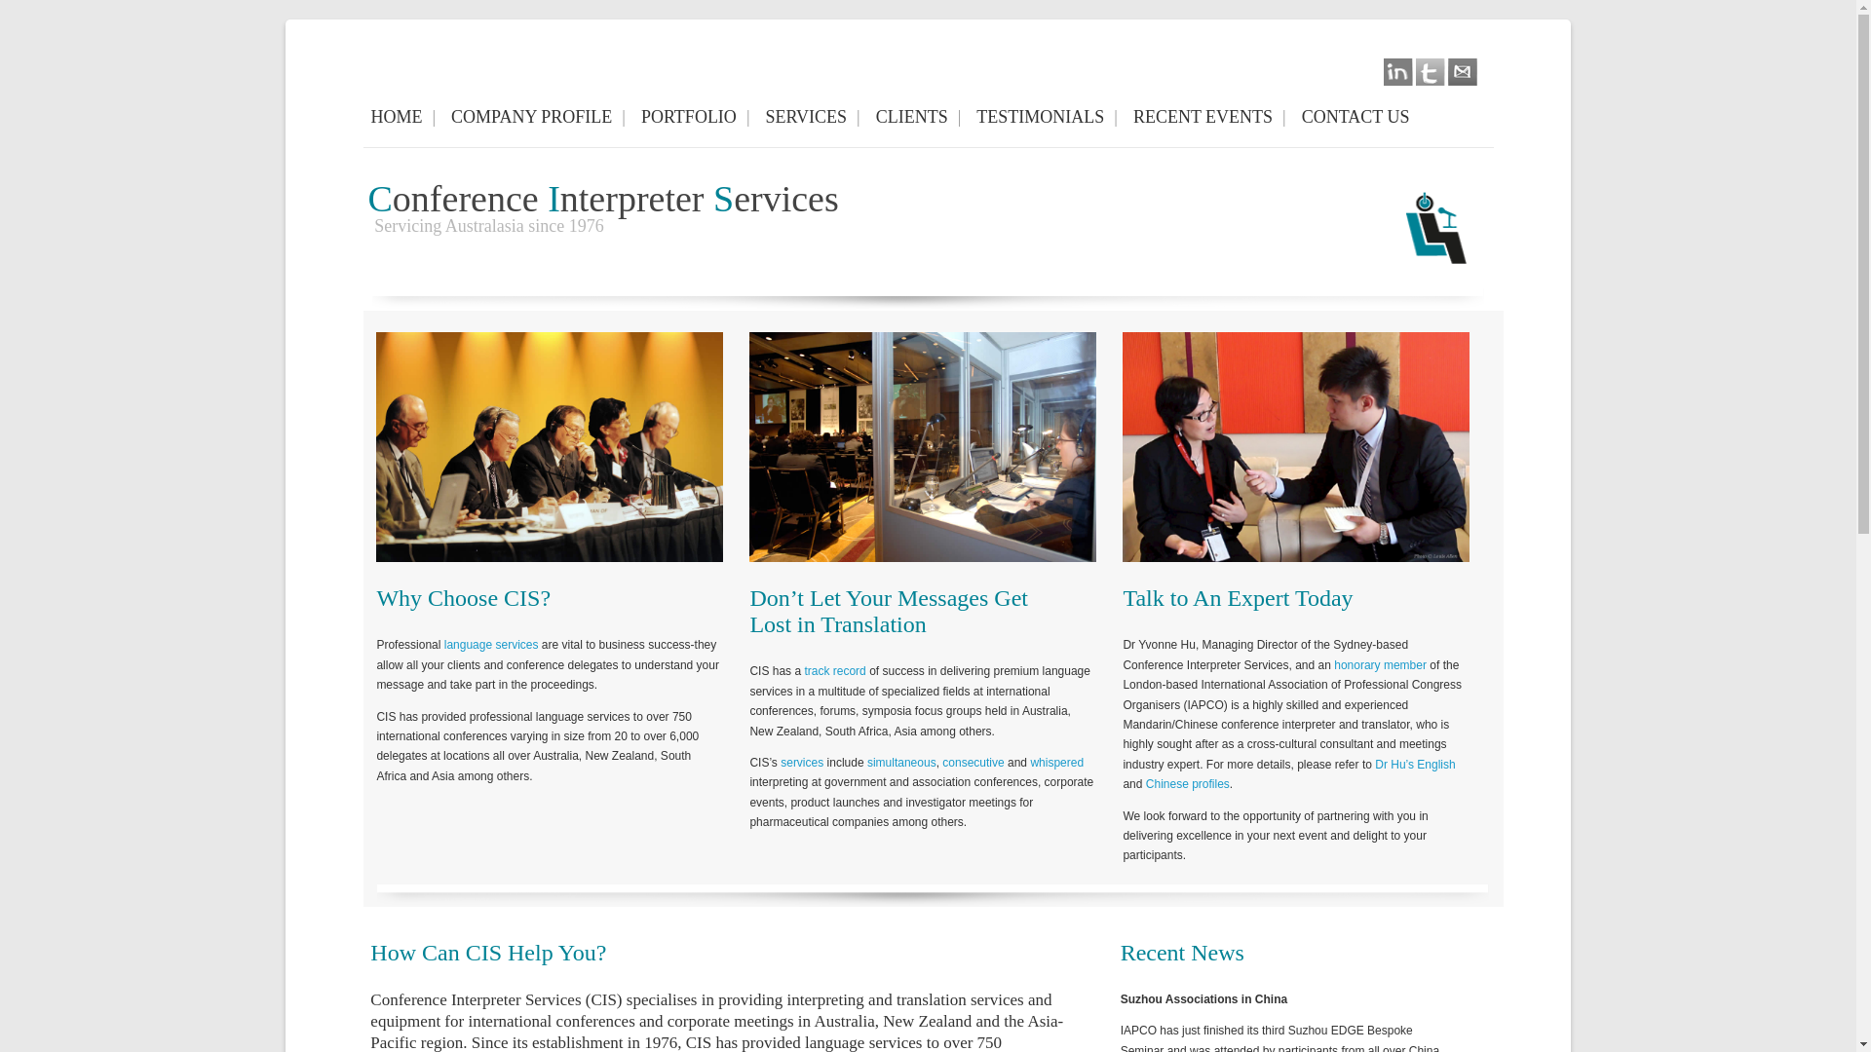  Describe the element at coordinates (1431, 71) in the screenshot. I see `'Twitter'` at that location.